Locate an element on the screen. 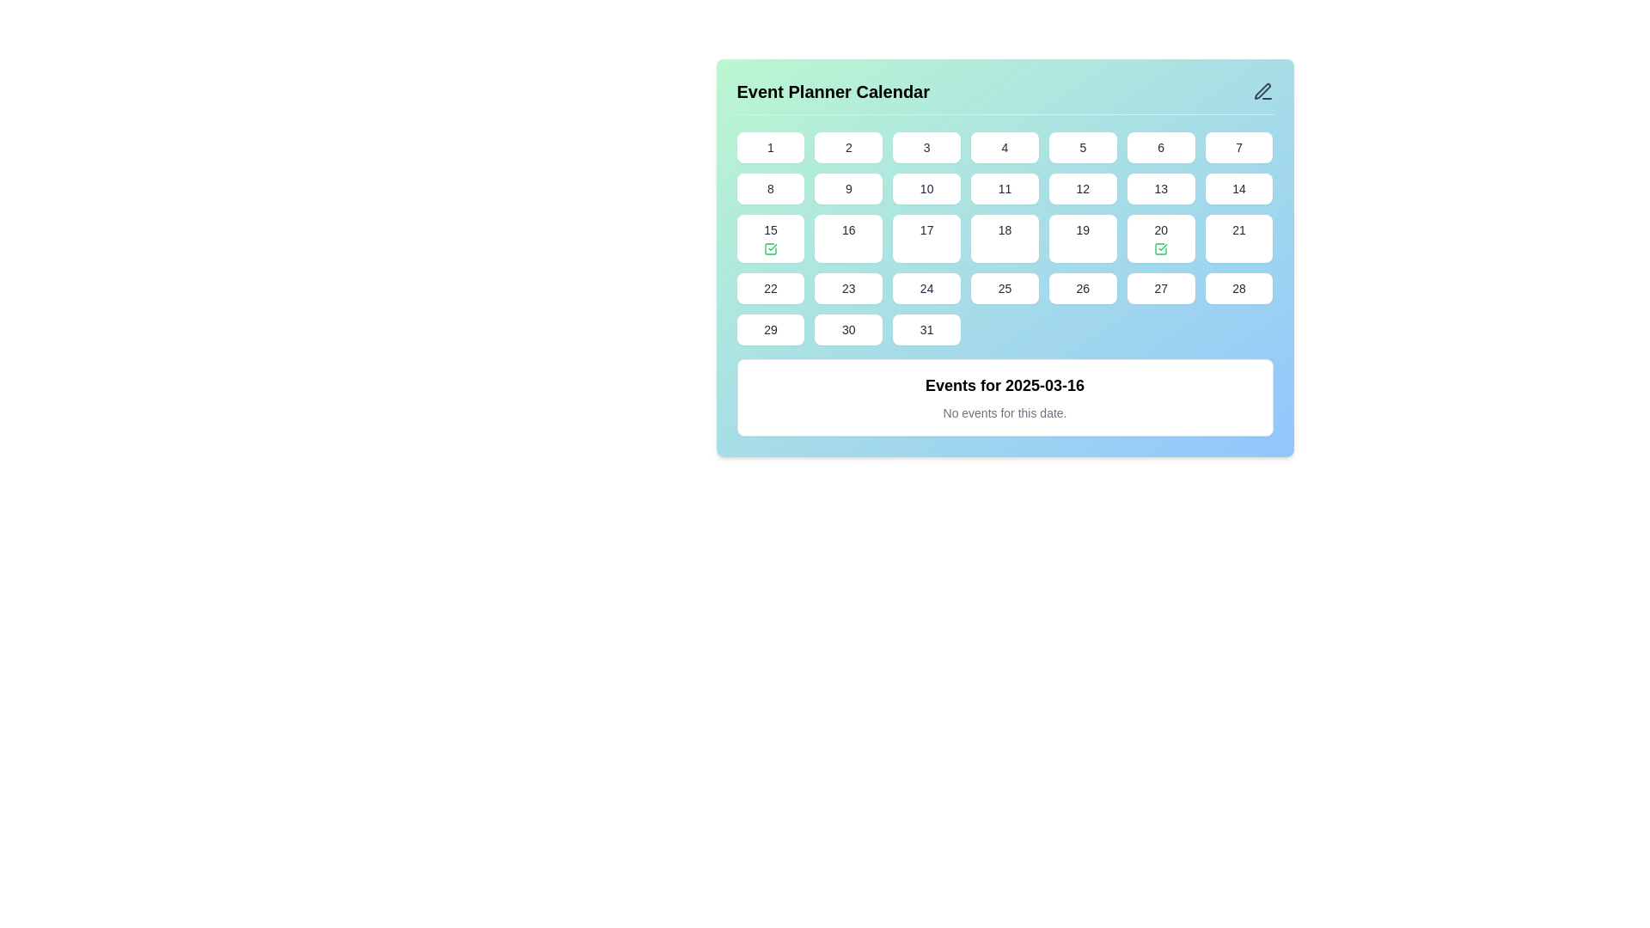 The width and height of the screenshot is (1650, 928). the button labeled '9' in the calendar interface is located at coordinates (848, 188).